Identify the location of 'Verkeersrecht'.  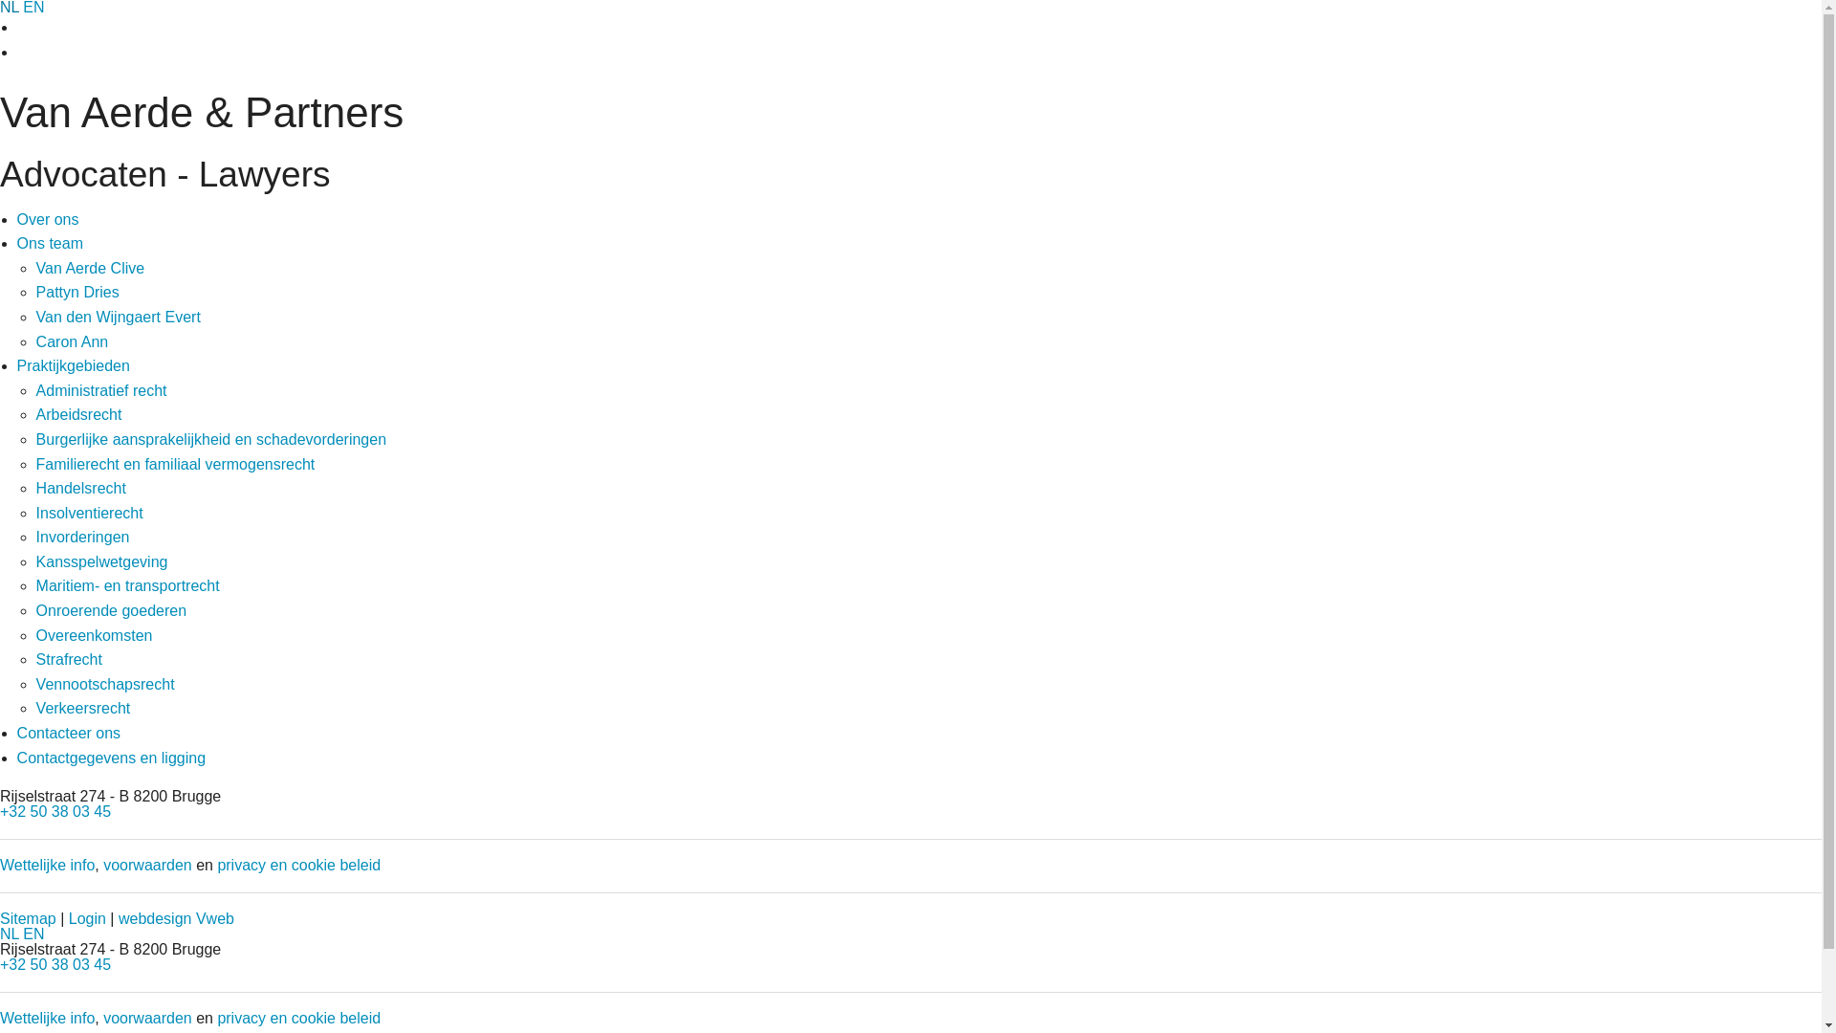
(82, 708).